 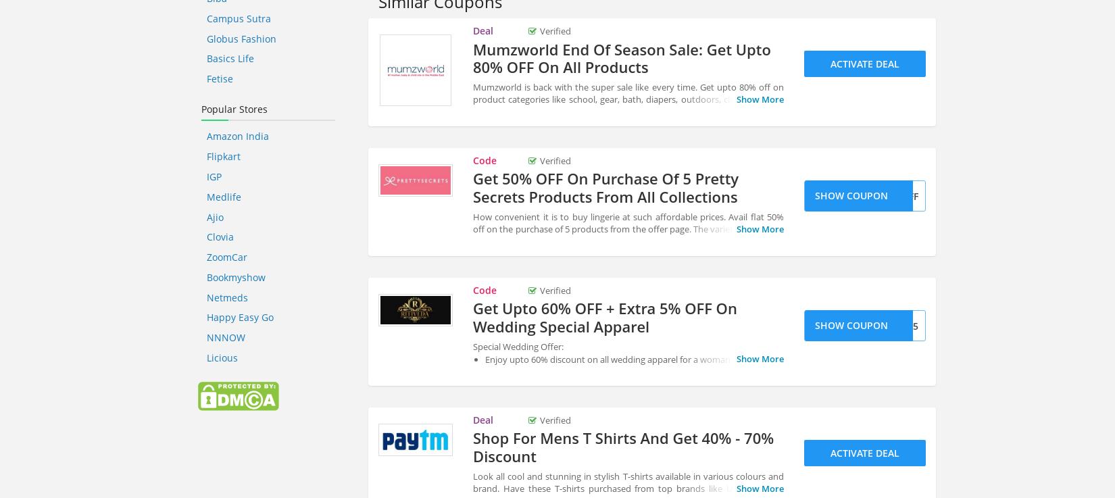 What do you see at coordinates (223, 196) in the screenshot?
I see `'Medlife'` at bounding box center [223, 196].